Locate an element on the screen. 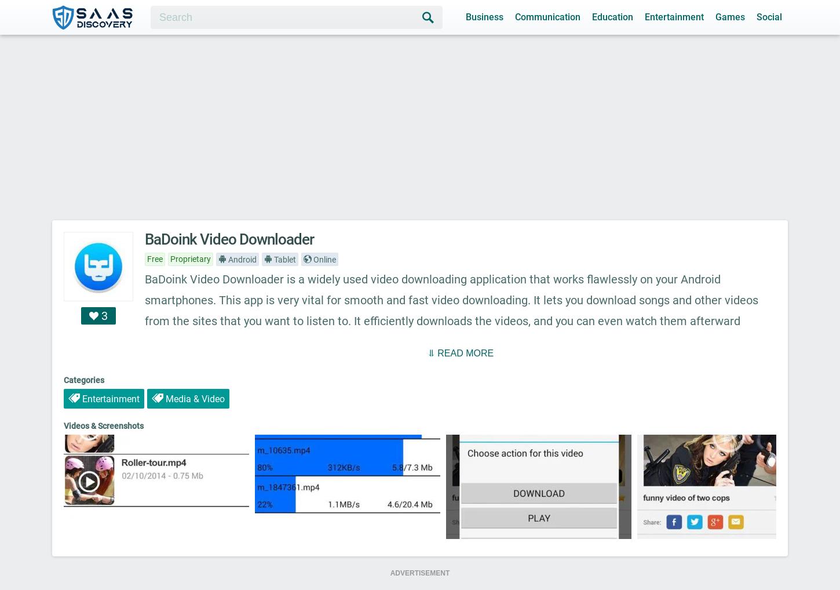 Image resolution: width=840 pixels, height=590 pixels. 'Android' is located at coordinates (226, 259).